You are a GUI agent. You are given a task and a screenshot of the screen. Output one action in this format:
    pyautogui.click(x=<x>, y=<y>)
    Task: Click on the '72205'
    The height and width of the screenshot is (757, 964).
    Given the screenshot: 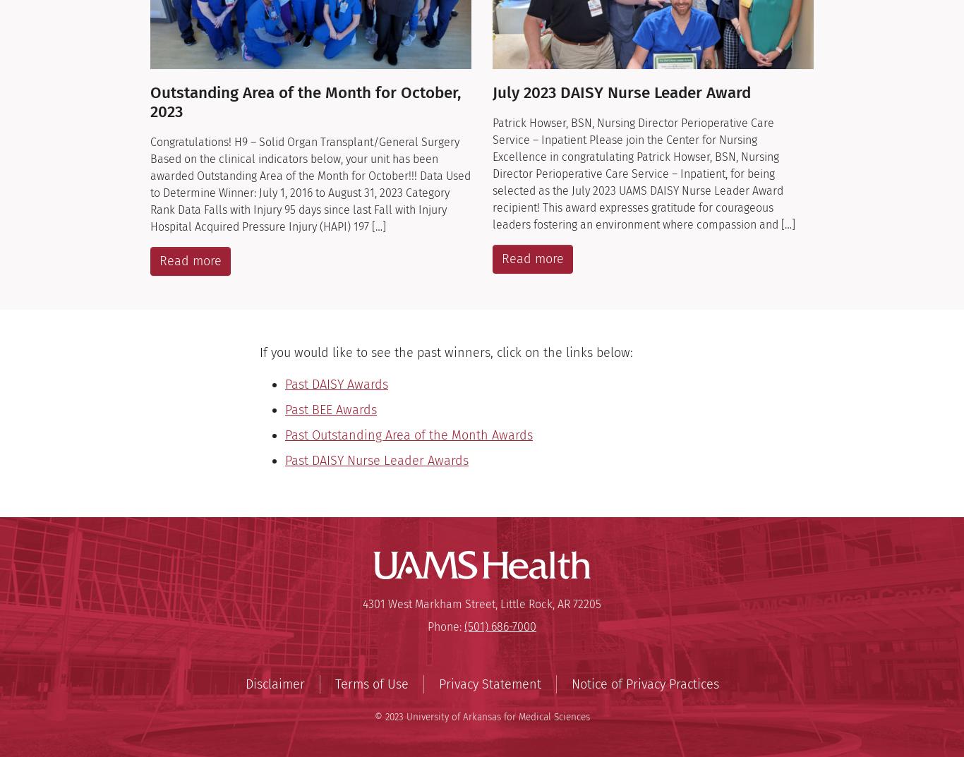 What is the action you would take?
    pyautogui.click(x=586, y=603)
    